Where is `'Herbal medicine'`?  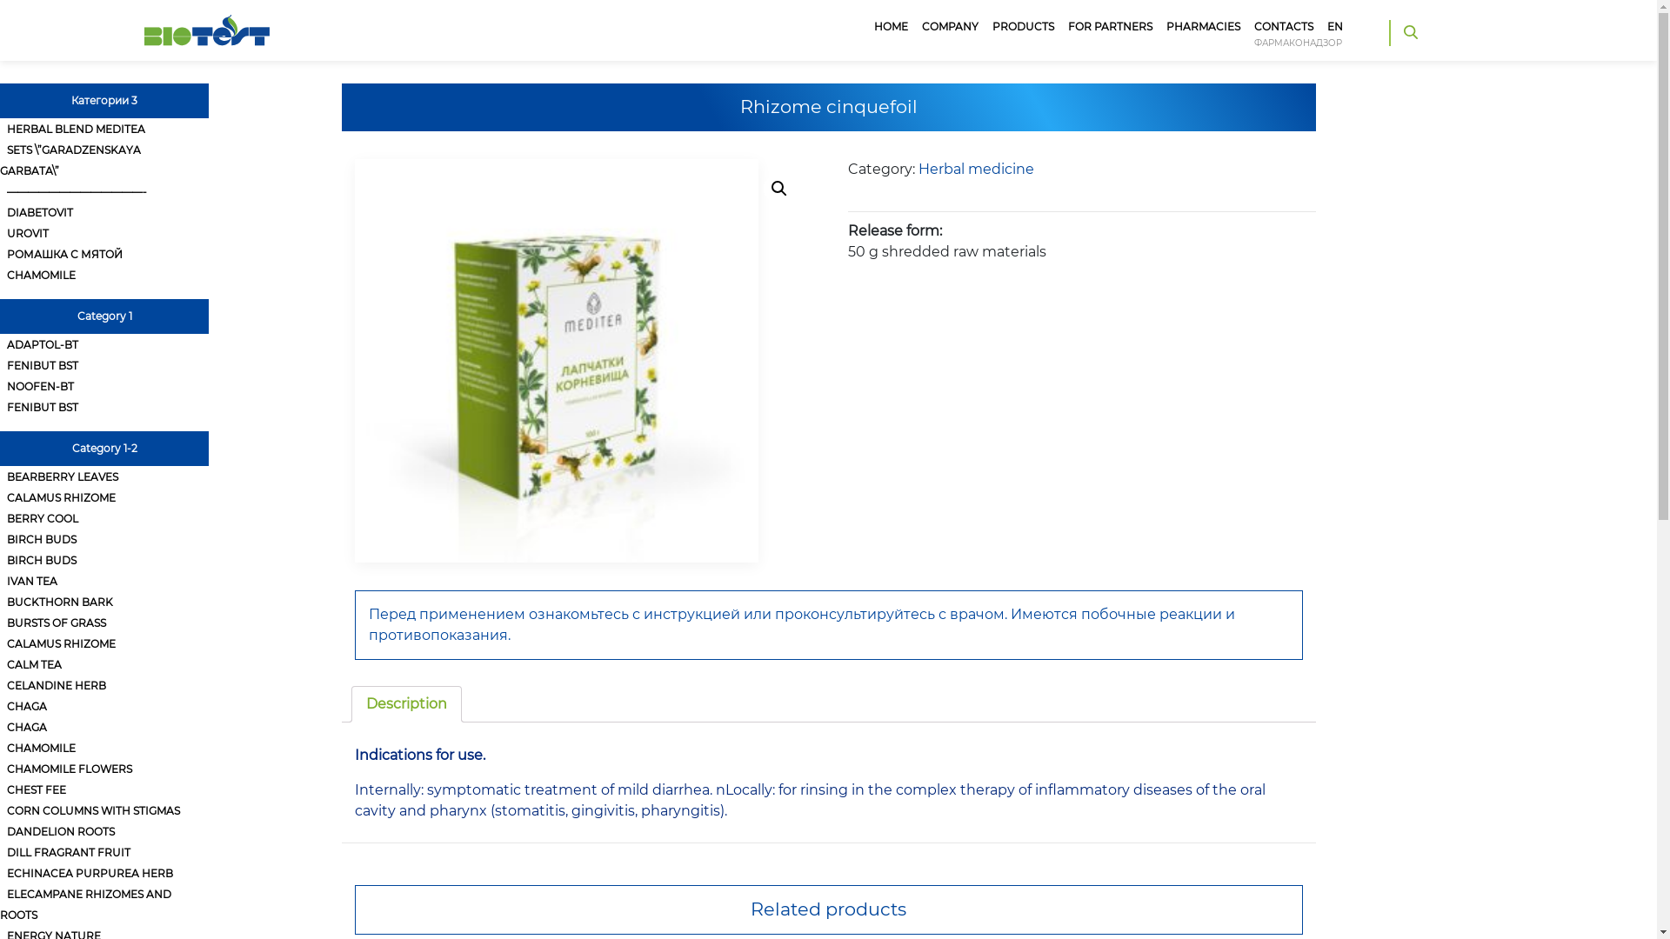 'Herbal medicine' is located at coordinates (976, 169).